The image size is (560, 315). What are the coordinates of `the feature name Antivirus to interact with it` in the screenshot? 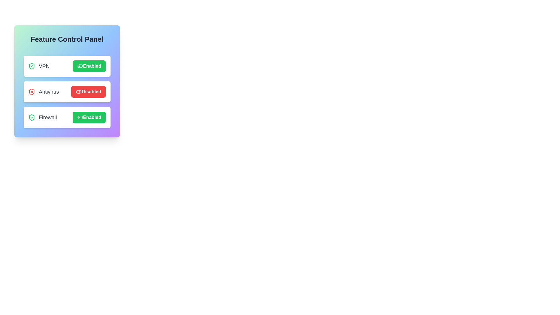 It's located at (43, 92).